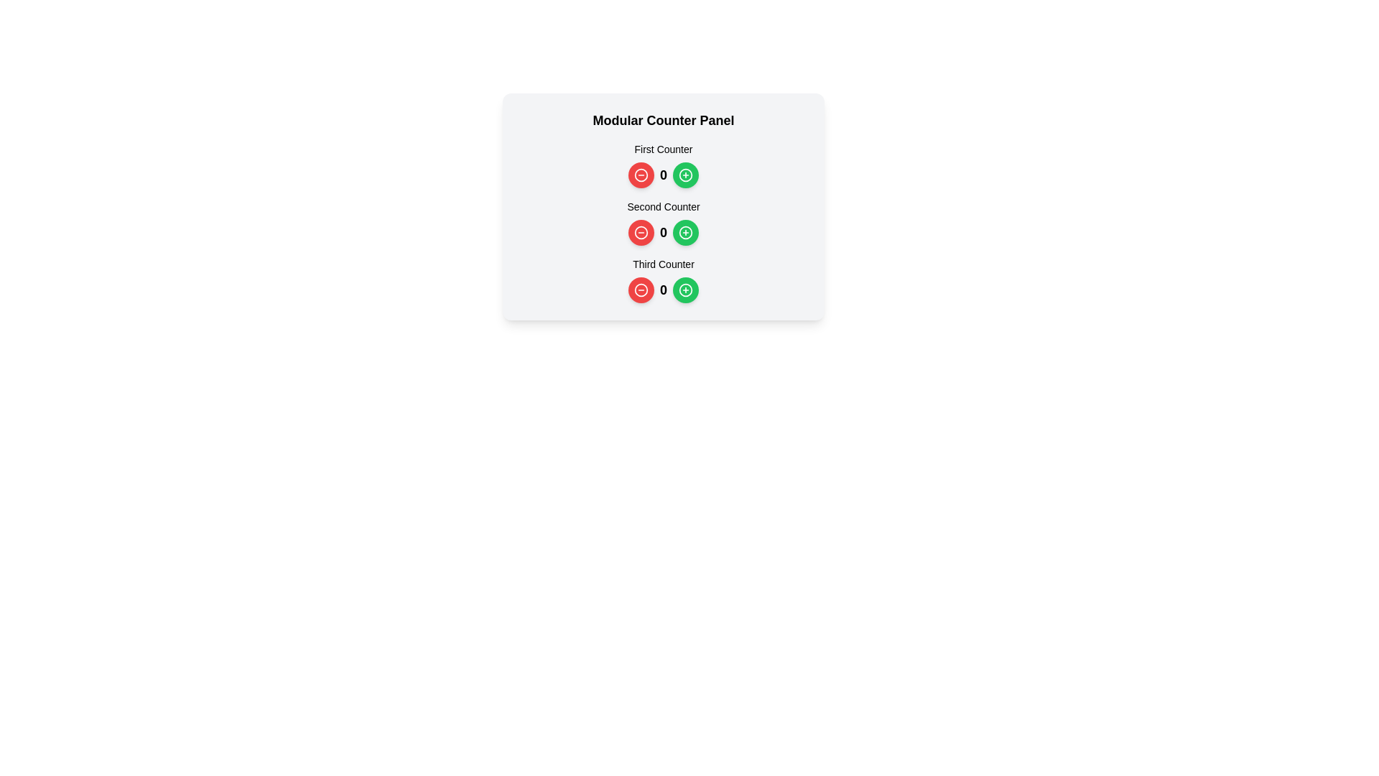  I want to click on the circular red outlined button with a minus symbol located in the 'First Counter' row to decrement the count, so click(640, 174).